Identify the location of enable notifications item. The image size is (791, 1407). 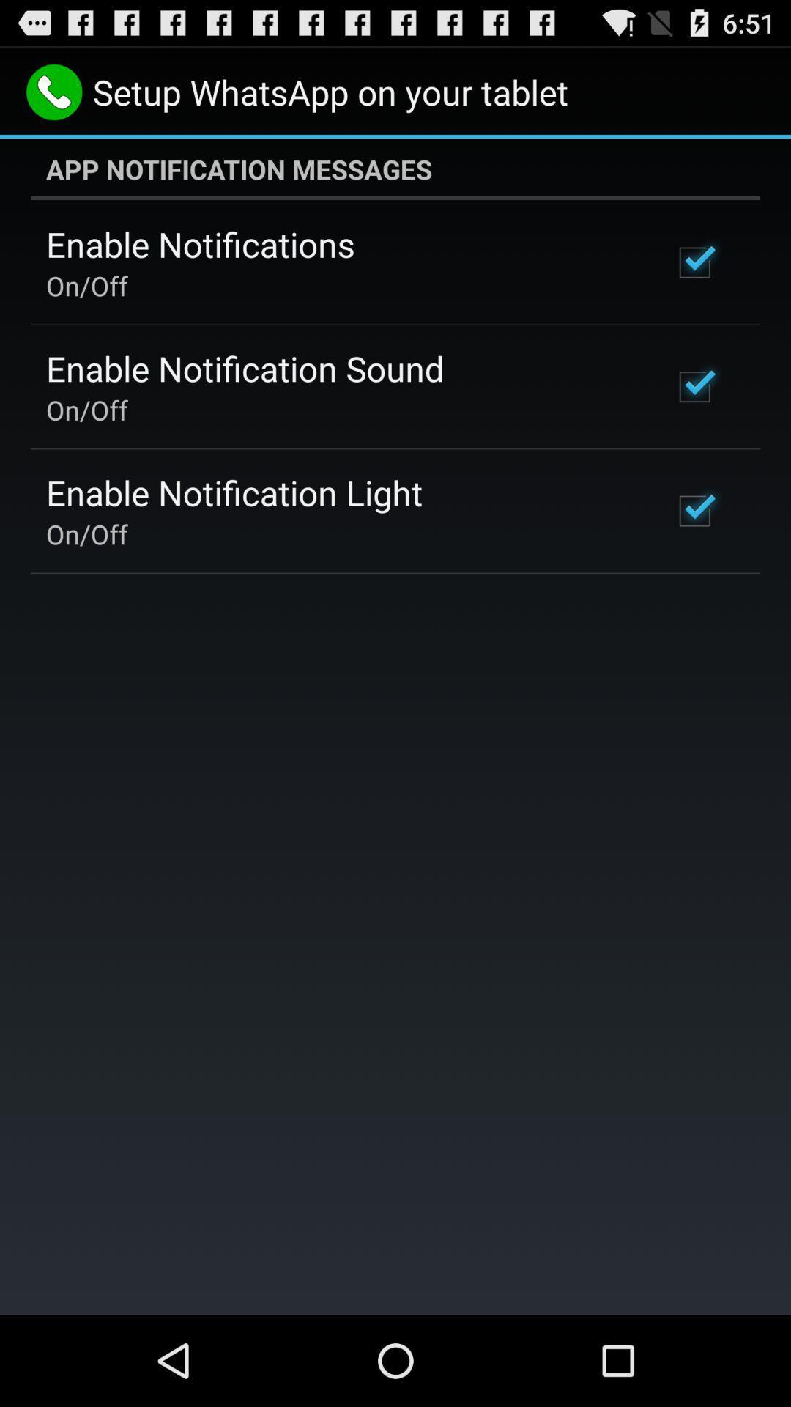
(200, 244).